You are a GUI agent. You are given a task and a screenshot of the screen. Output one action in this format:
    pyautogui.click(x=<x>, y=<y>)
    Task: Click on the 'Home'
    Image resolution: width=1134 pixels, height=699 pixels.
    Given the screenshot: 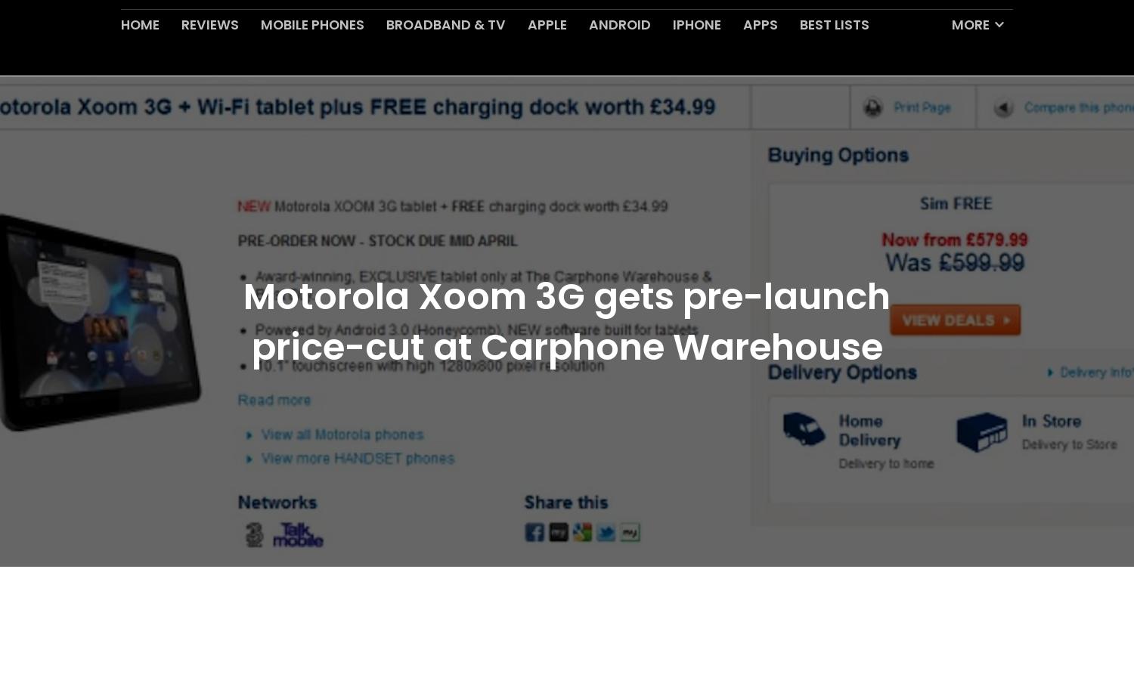 What is the action you would take?
    pyautogui.click(x=140, y=60)
    